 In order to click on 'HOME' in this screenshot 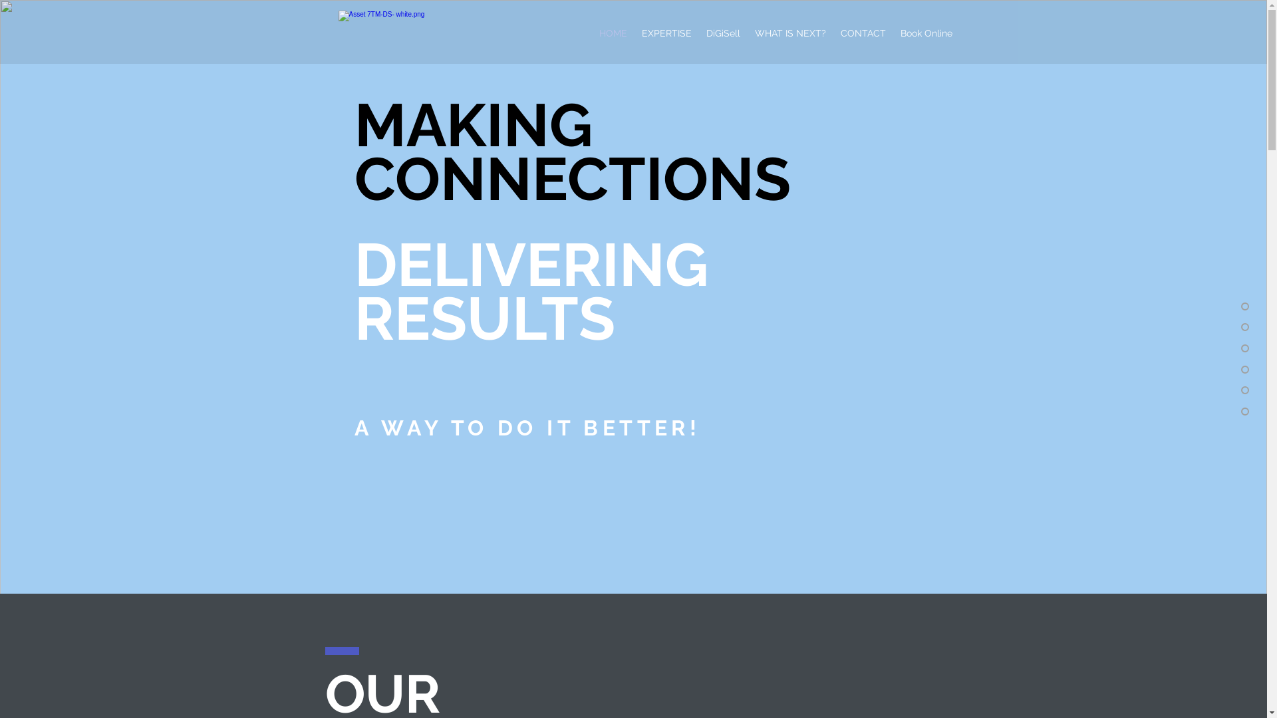, I will do `click(612, 33)`.